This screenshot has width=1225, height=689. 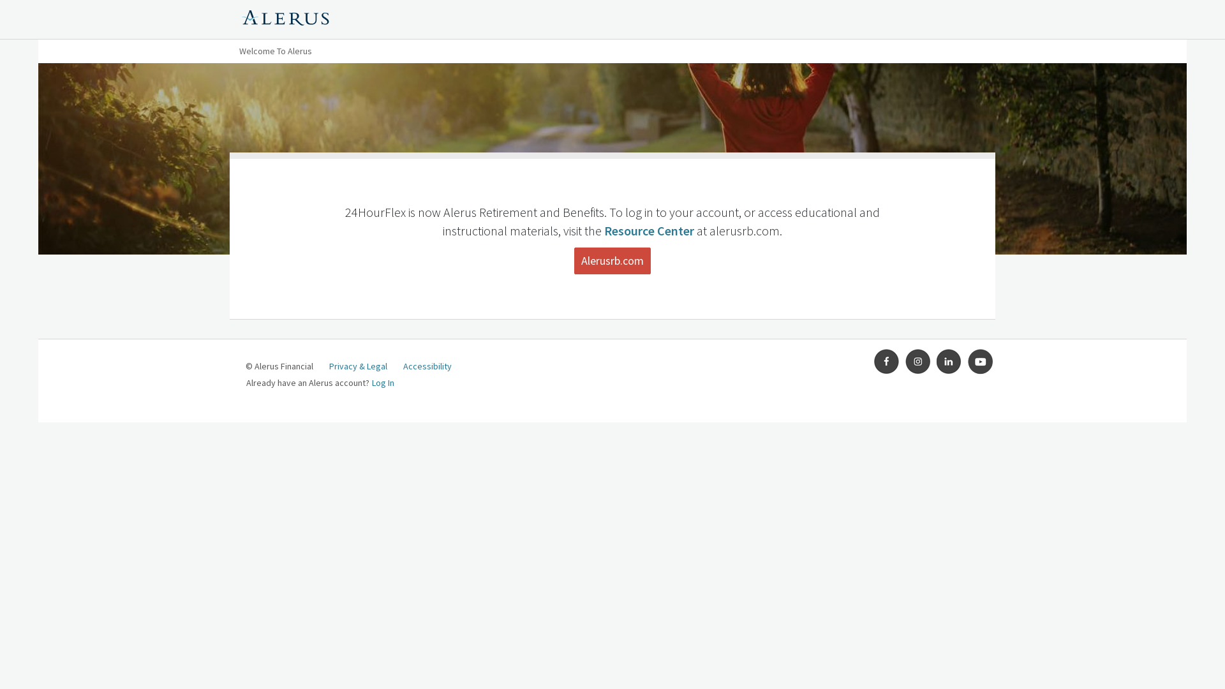 I want to click on 'LinkedIn', so click(x=949, y=362).